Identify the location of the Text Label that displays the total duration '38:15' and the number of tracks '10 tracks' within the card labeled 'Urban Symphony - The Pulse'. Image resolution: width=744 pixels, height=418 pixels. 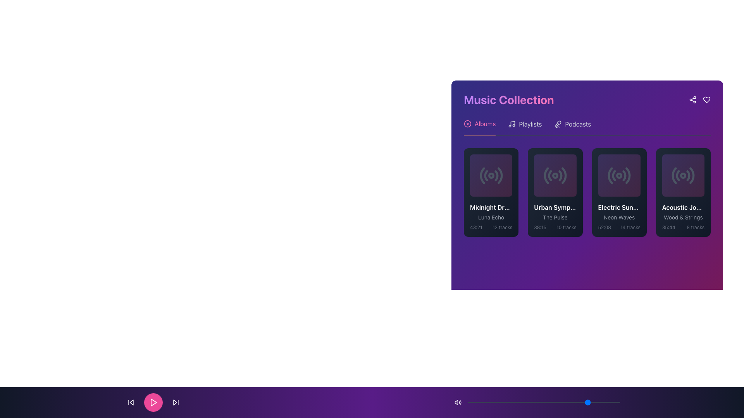
(555, 227).